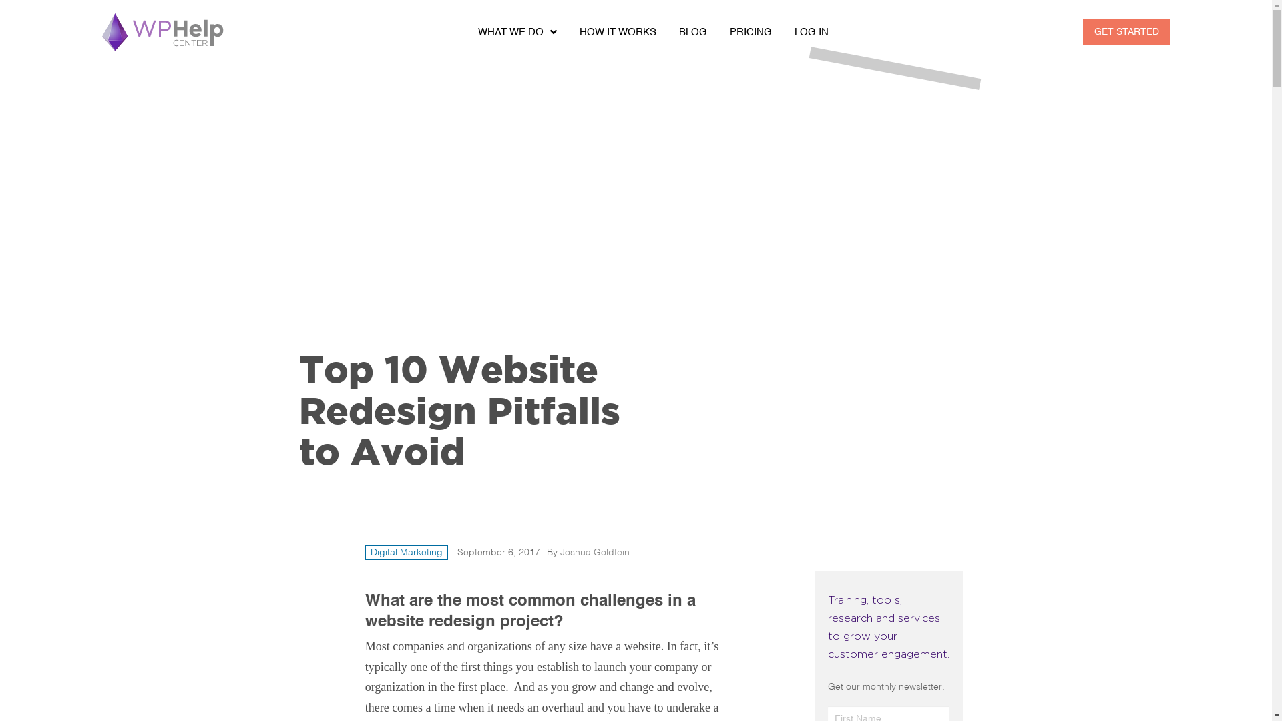 This screenshot has width=1282, height=721. What do you see at coordinates (1083, 31) in the screenshot?
I see `'GET STARTED'` at bounding box center [1083, 31].